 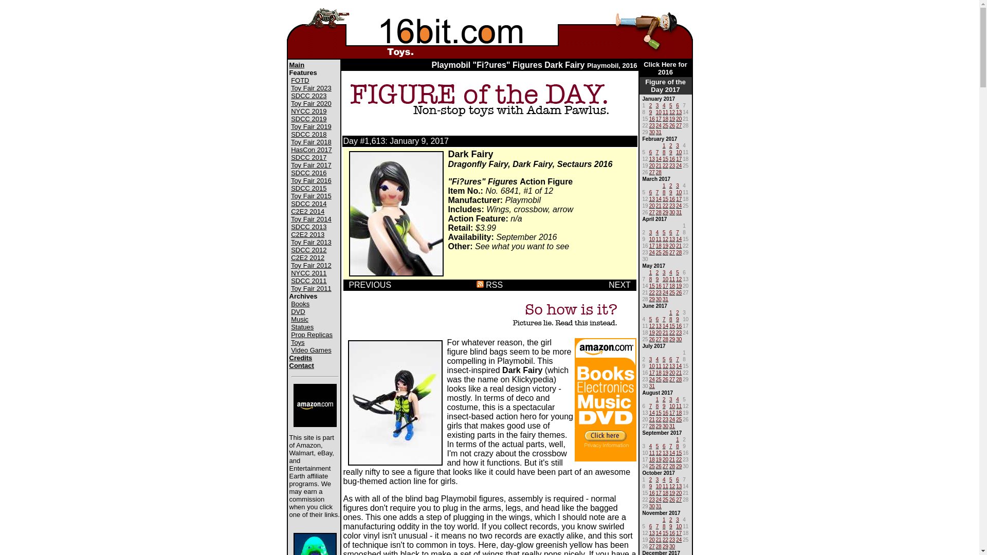 I want to click on 'SDCC 2014', so click(x=308, y=203).